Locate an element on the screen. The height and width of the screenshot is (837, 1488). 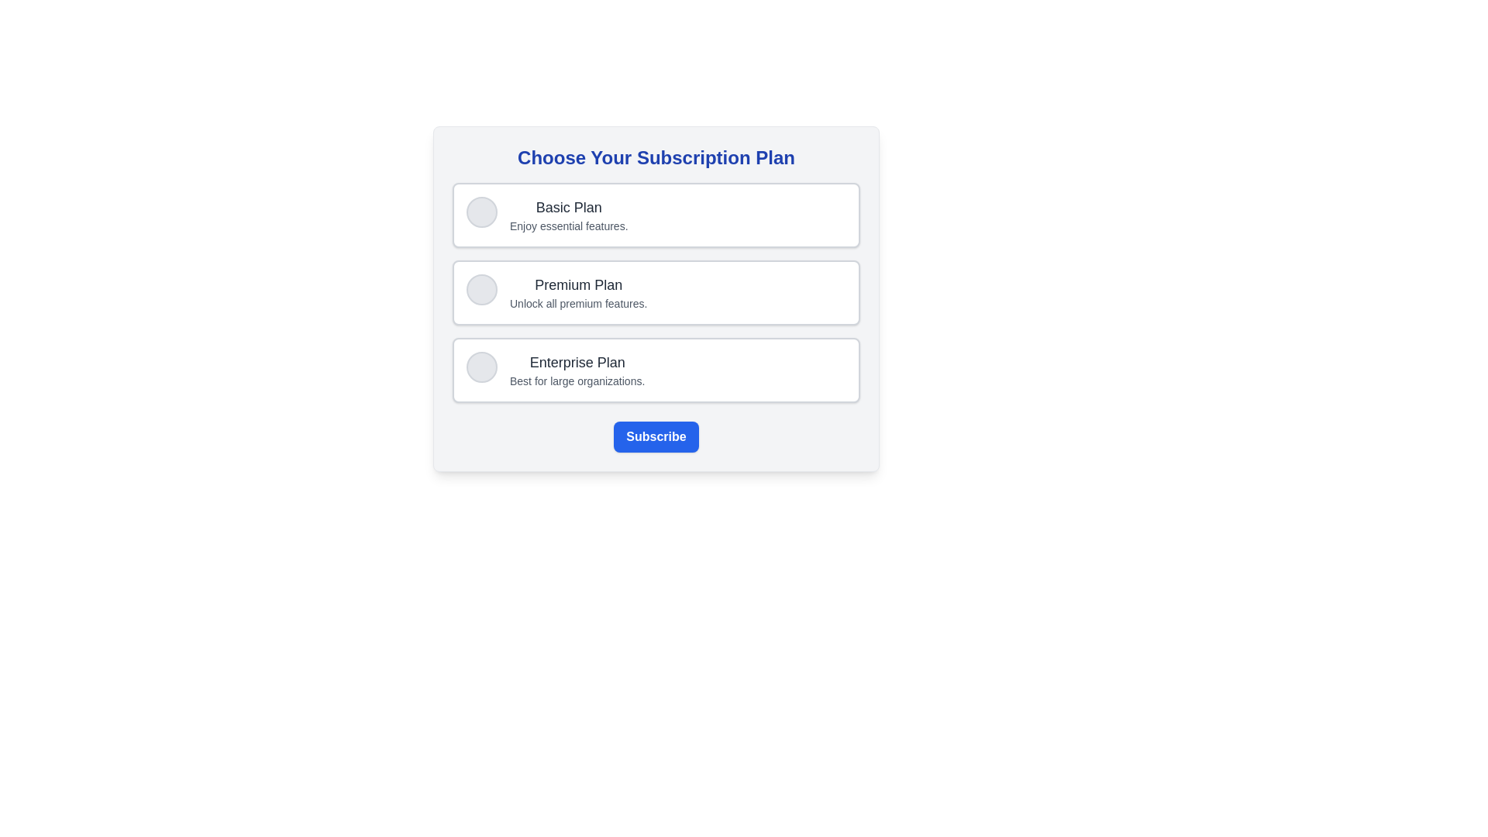
the large, centered header text that reads 'Choose Your Subscription Plan', styled in bold and blue, located at the top of the informational panel is located at coordinates (656, 158).